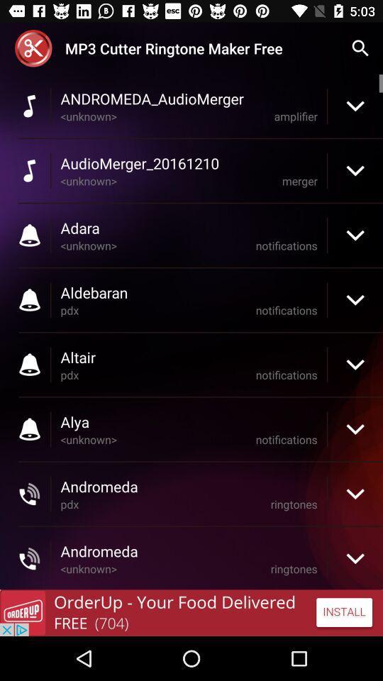 This screenshot has height=681, width=383. Describe the element at coordinates (191, 612) in the screenshot. I see `sponsored content` at that location.